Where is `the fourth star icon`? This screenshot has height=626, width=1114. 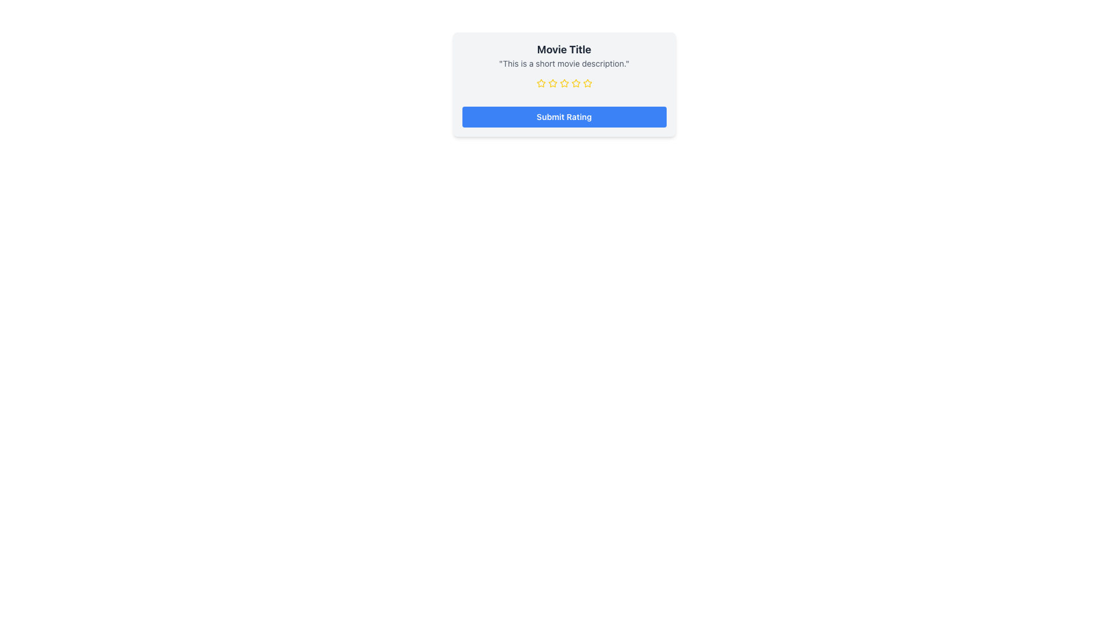
the fourth star icon is located at coordinates (564, 82).